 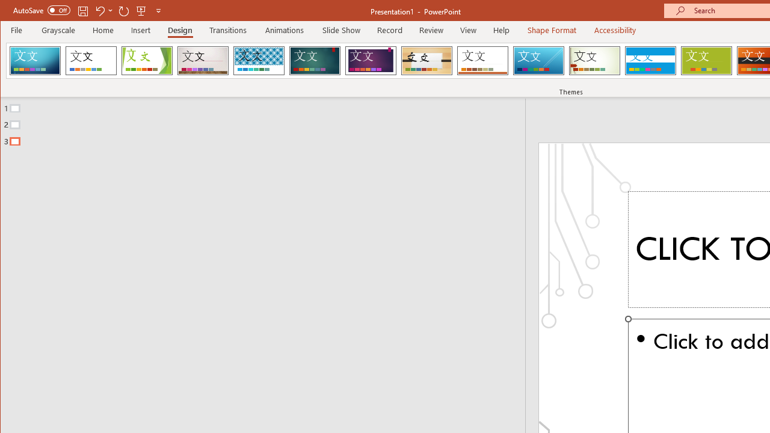 I want to click on 'Slice', so click(x=538, y=60).